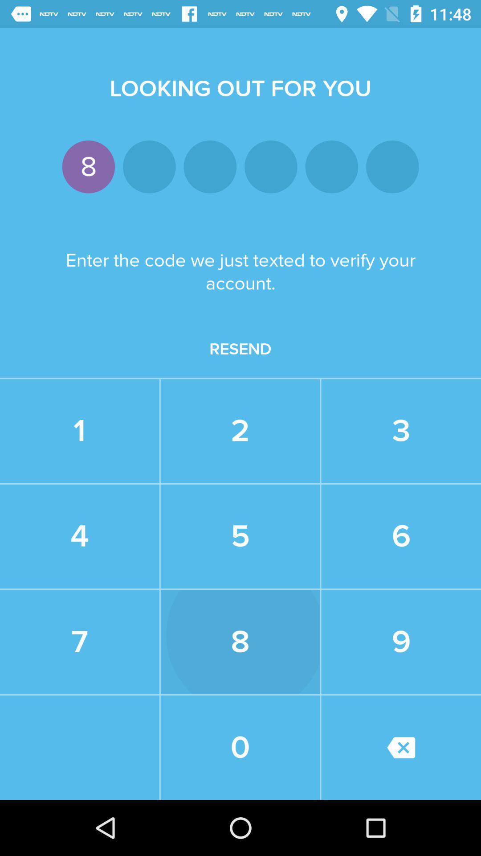 This screenshot has height=856, width=481. Describe the element at coordinates (401, 642) in the screenshot. I see `the 9 icon` at that location.